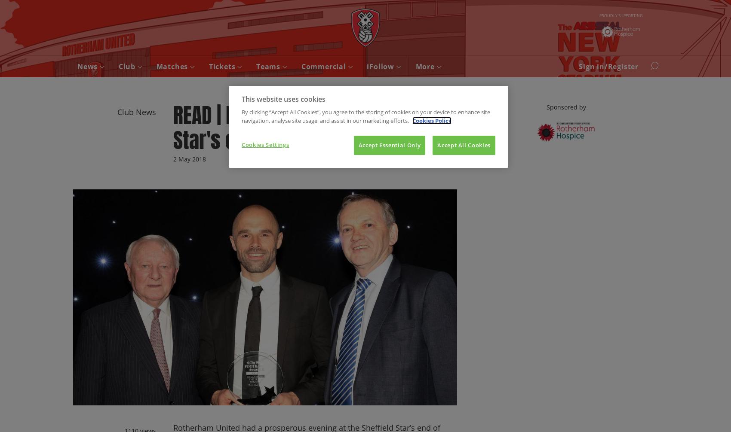 This screenshot has width=731, height=432. Describe the element at coordinates (173, 127) in the screenshot. I see `'READ | Millers scoop prizes at The Star's end of season awards'` at that location.